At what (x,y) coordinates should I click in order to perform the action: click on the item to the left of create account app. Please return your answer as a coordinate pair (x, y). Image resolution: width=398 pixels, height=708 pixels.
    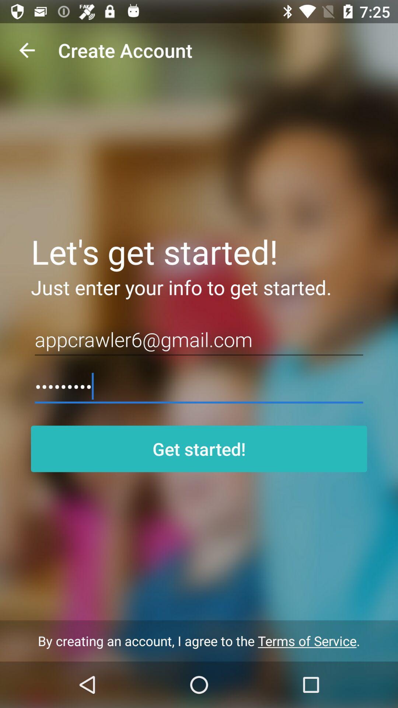
    Looking at the image, I should click on (27, 50).